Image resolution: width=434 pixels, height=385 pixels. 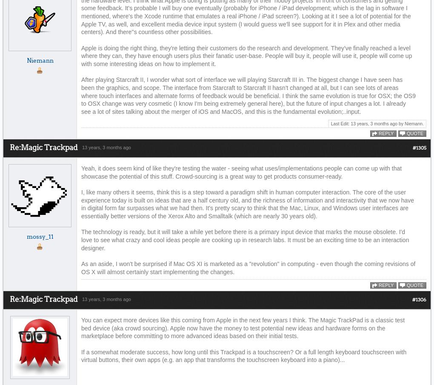 I want to click on 'Yeah, it does seem kind of like they're testing the water - seeing what uses/implementations people can come up with that showcase the potential of this stuff. Crowd-sourcing is a great way to get products consumer-ready.', so click(x=241, y=172).